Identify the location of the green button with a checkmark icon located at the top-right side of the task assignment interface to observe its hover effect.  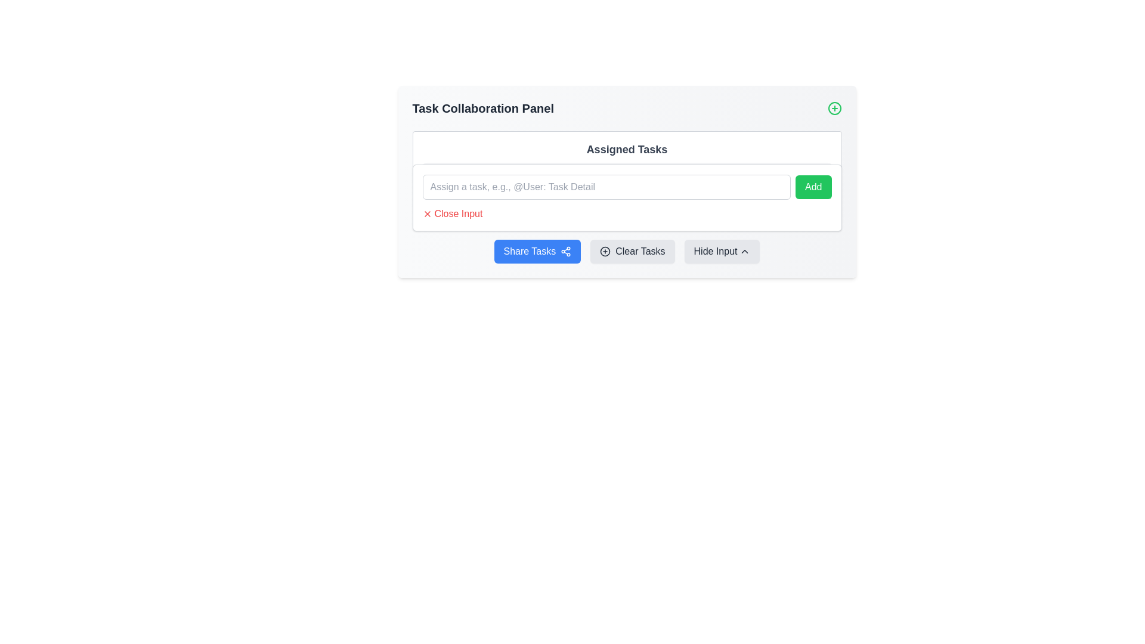
(818, 175).